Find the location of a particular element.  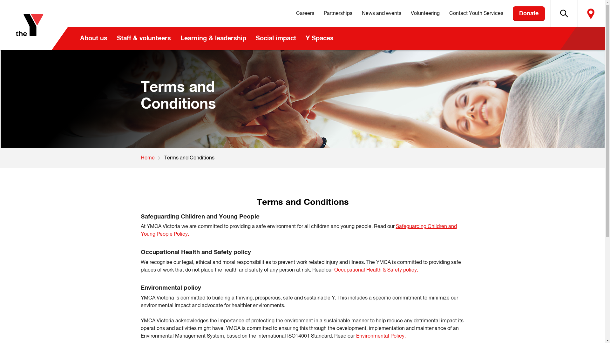

'Social impact' is located at coordinates (276, 38).